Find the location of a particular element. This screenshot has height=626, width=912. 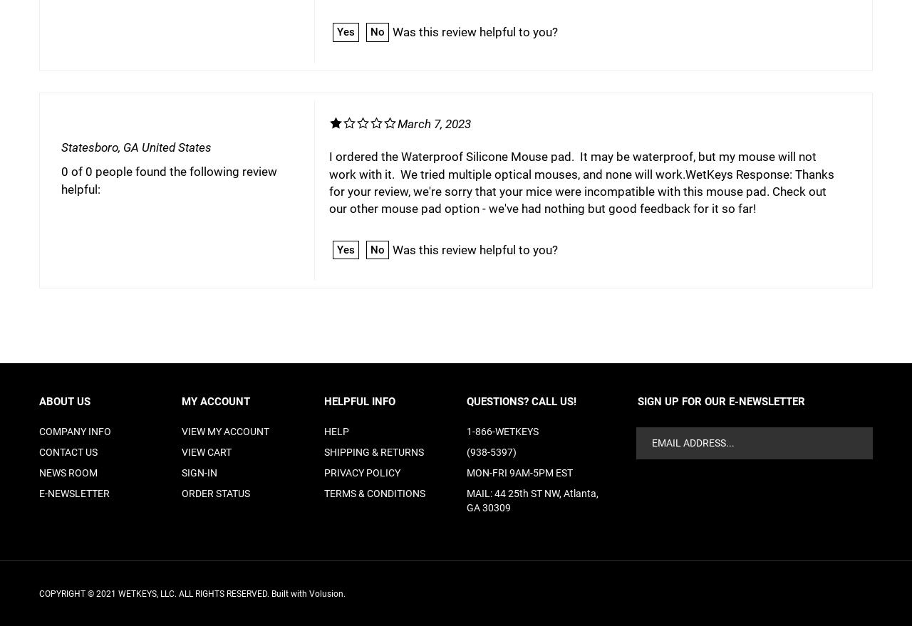

'HELP' is located at coordinates (336, 431).